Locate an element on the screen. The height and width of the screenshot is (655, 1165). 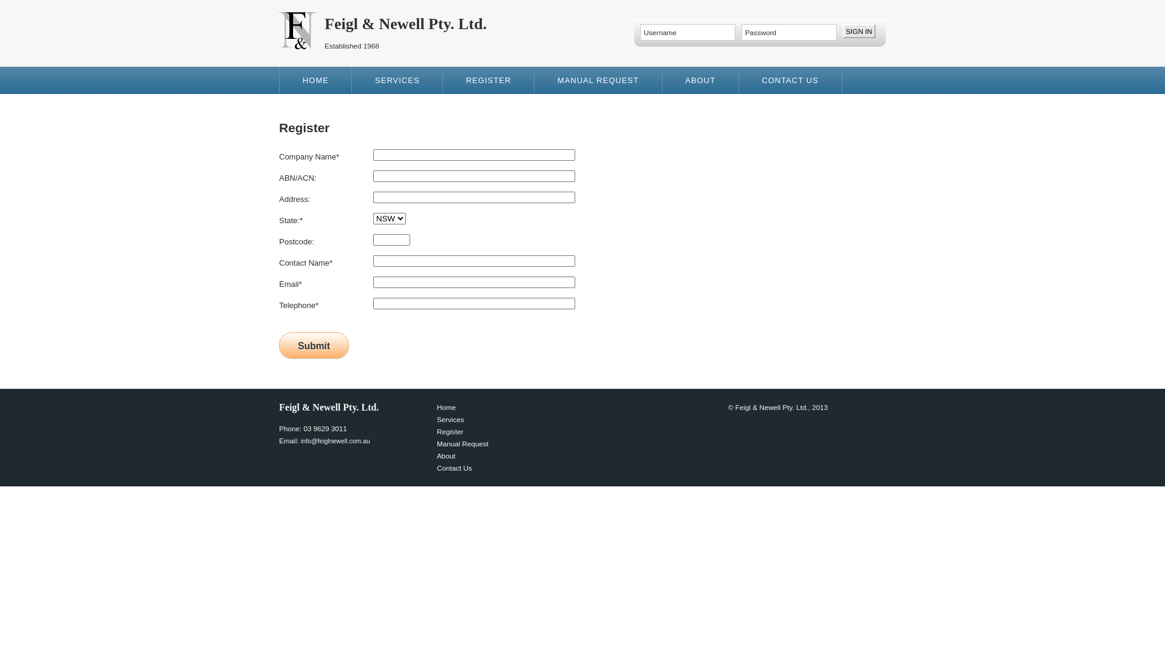
'MANUAL REQUEST' is located at coordinates (598, 79).